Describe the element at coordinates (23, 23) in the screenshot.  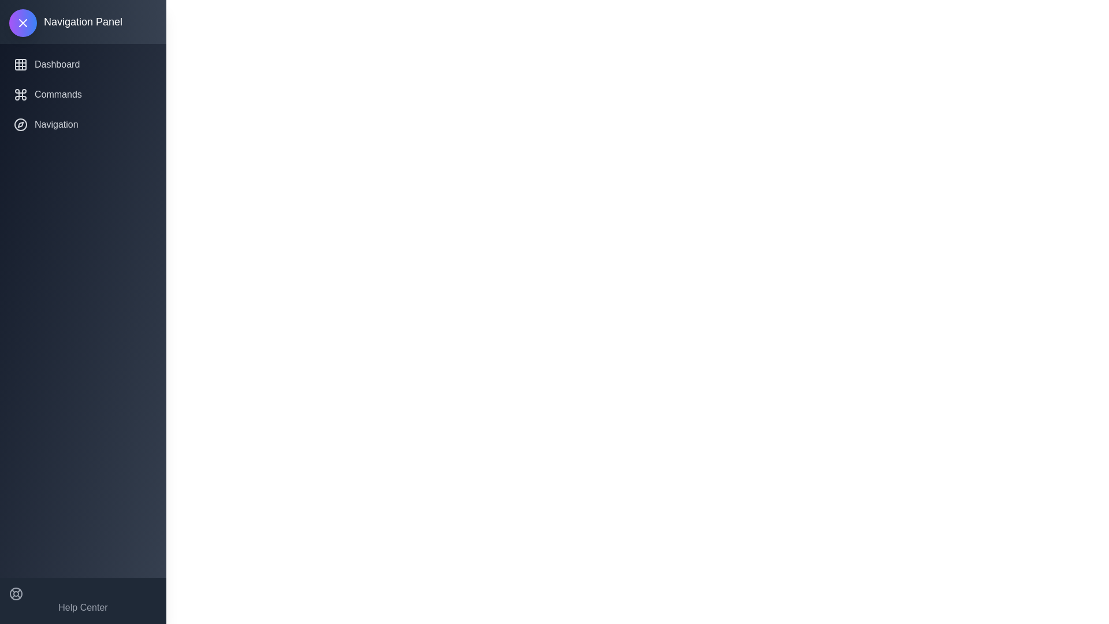
I see `top-left button to toggle the drawer panel` at that location.